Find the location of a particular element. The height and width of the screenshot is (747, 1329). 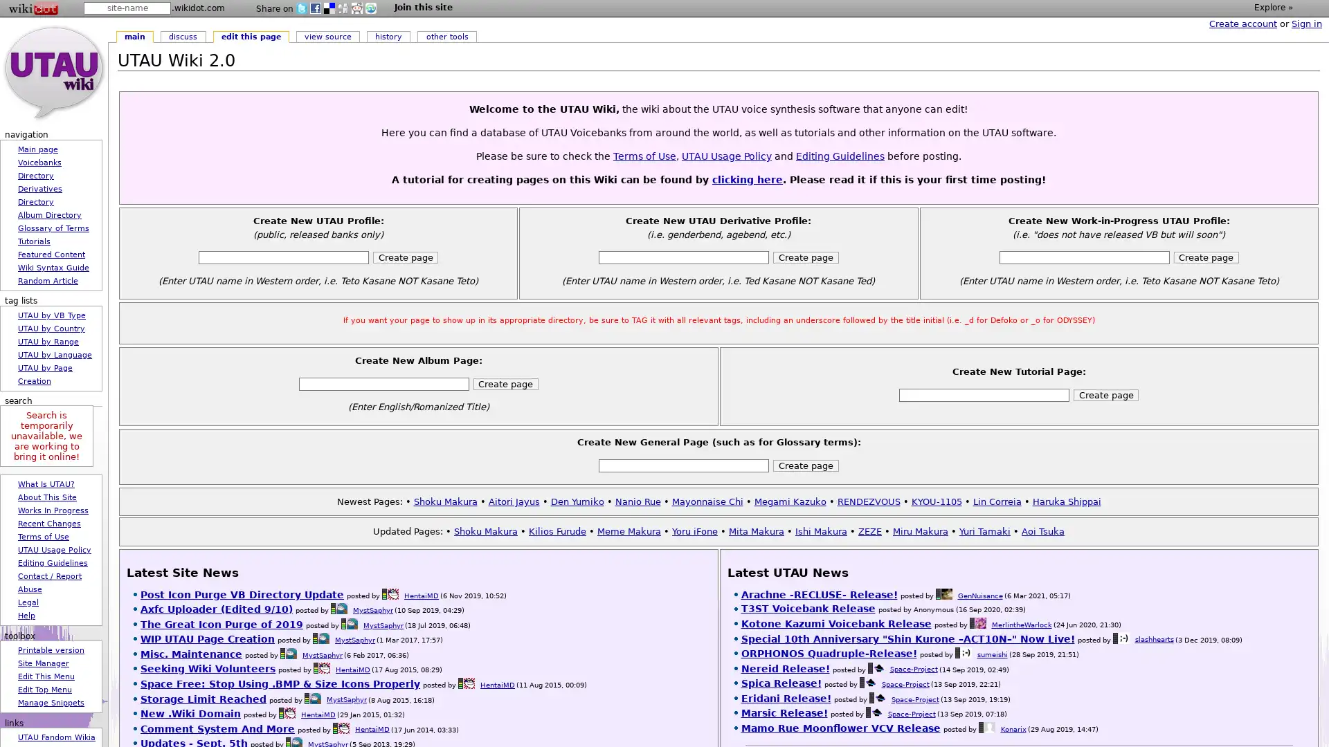

Create page is located at coordinates (404, 257).